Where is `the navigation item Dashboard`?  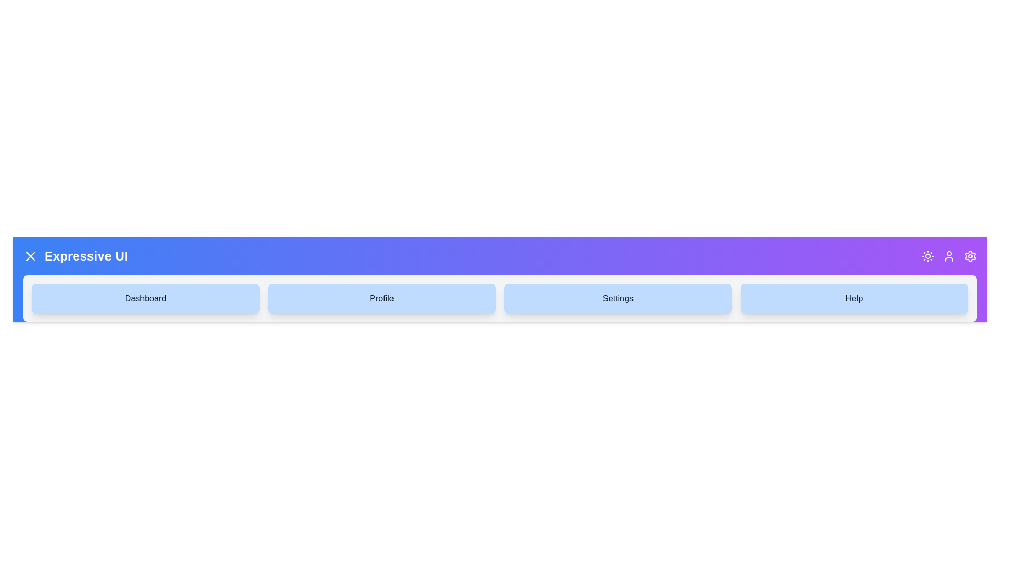 the navigation item Dashboard is located at coordinates (145, 298).